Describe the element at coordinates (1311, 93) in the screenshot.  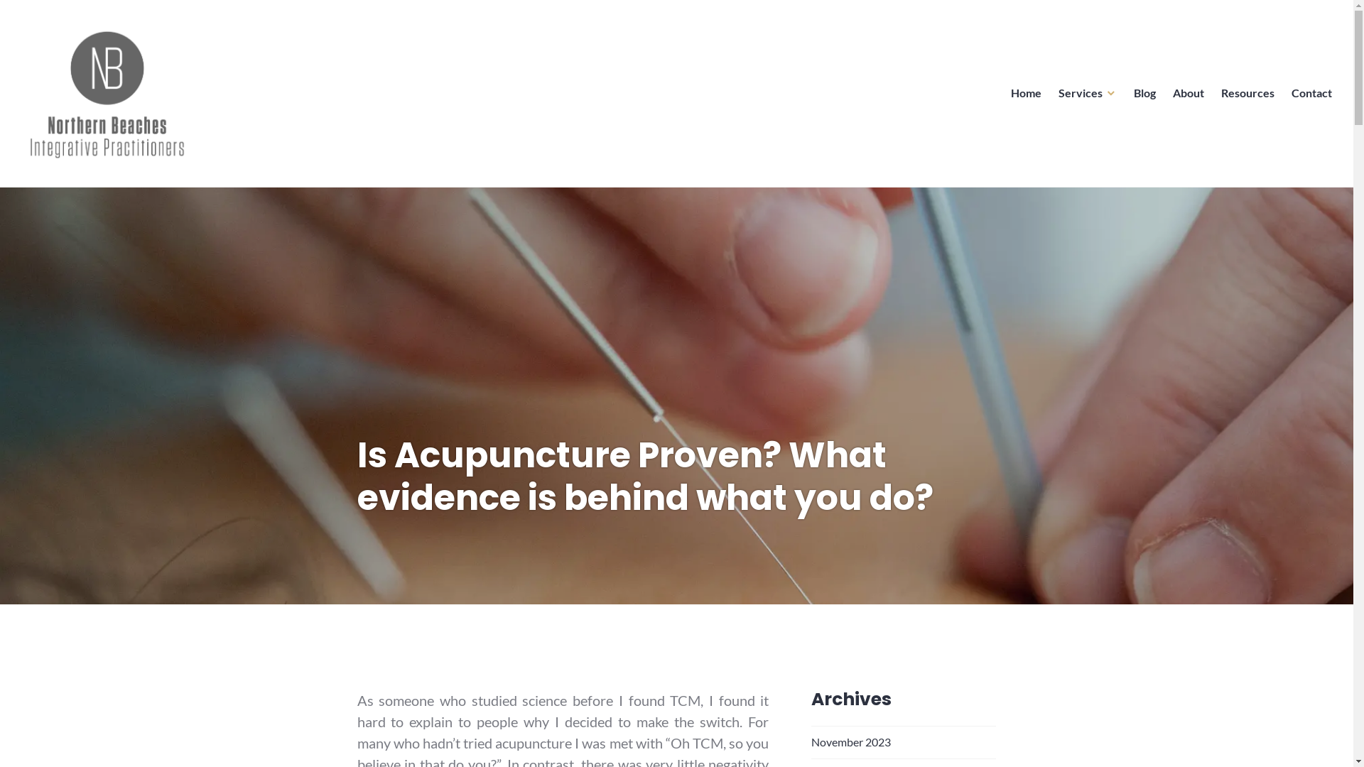
I see `'Contact'` at that location.